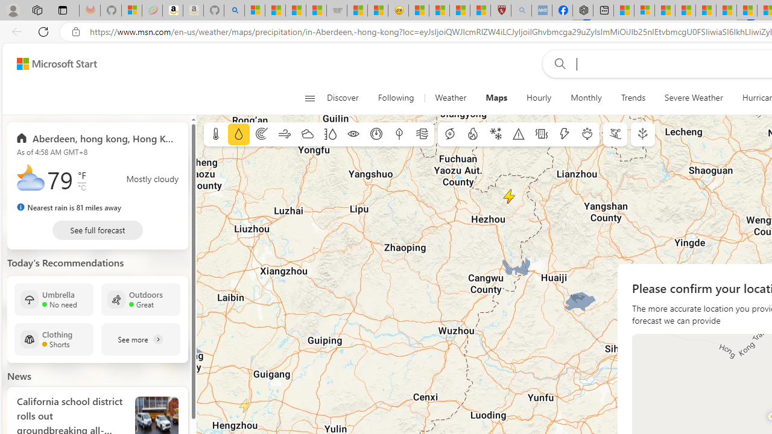  Describe the element at coordinates (541, 10) in the screenshot. I see `'NCL Adult Asthma Inhaler Choice Guideline - Sleeping'` at that location.